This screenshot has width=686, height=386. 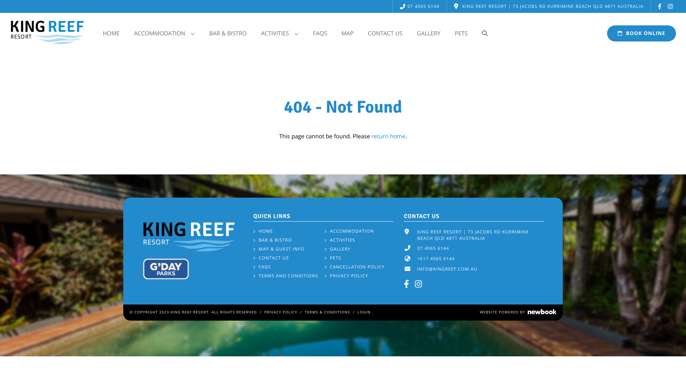 I want to click on 'MAP', so click(x=347, y=33).